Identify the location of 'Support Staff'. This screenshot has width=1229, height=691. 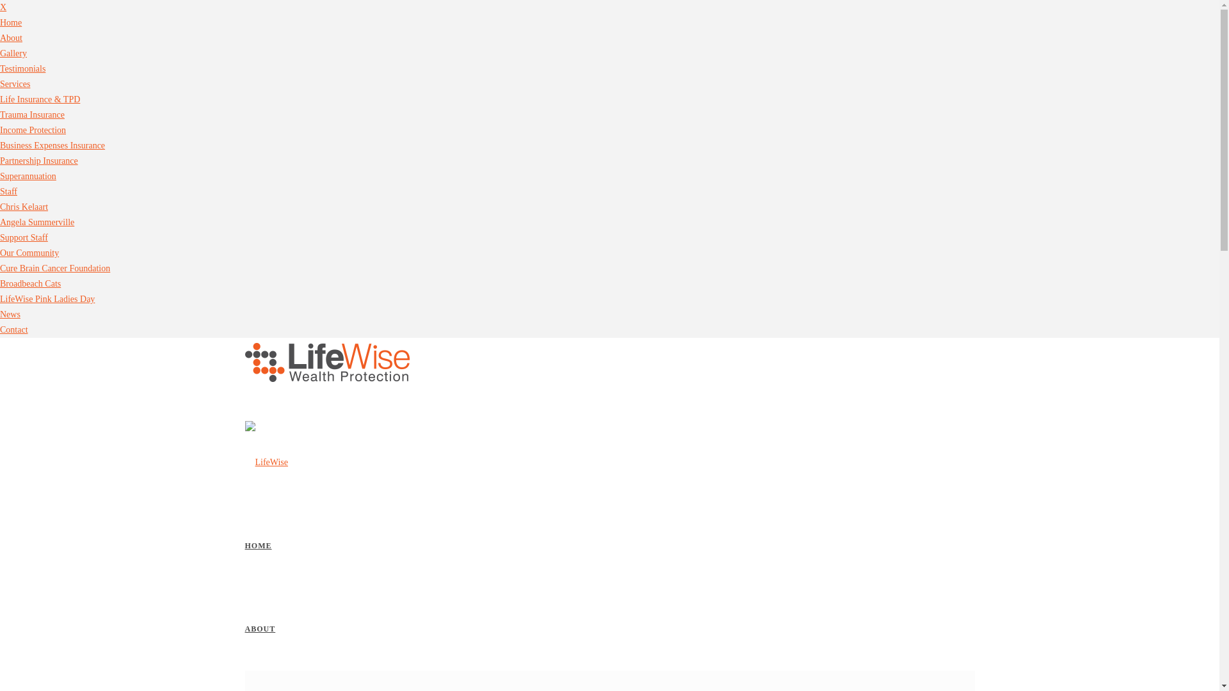
(24, 237).